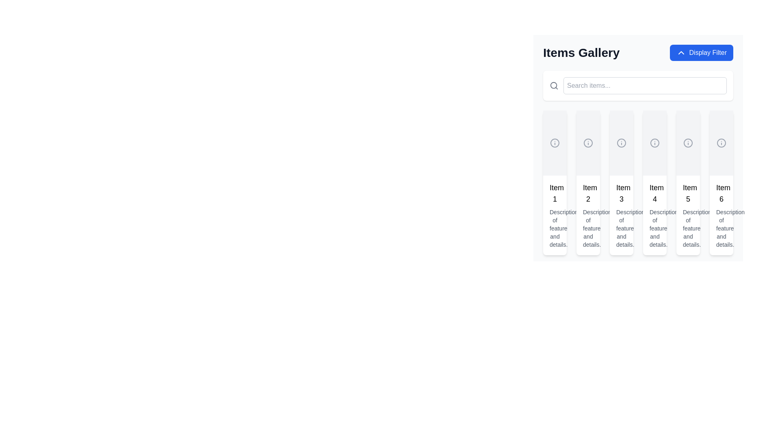 This screenshot has width=780, height=439. Describe the element at coordinates (688, 228) in the screenshot. I see `the gray-colored text label reading 'Description of feature and details.' located below the heading 'Item 5' within the card layout` at that location.